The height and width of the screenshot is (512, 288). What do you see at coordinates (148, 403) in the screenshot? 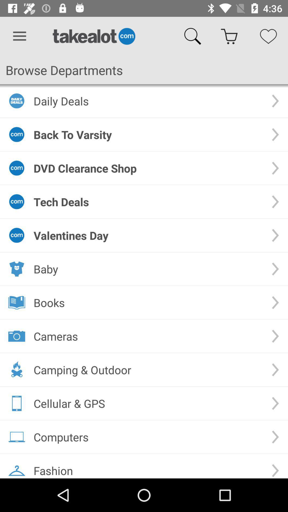
I see `the icon above the computers` at bounding box center [148, 403].